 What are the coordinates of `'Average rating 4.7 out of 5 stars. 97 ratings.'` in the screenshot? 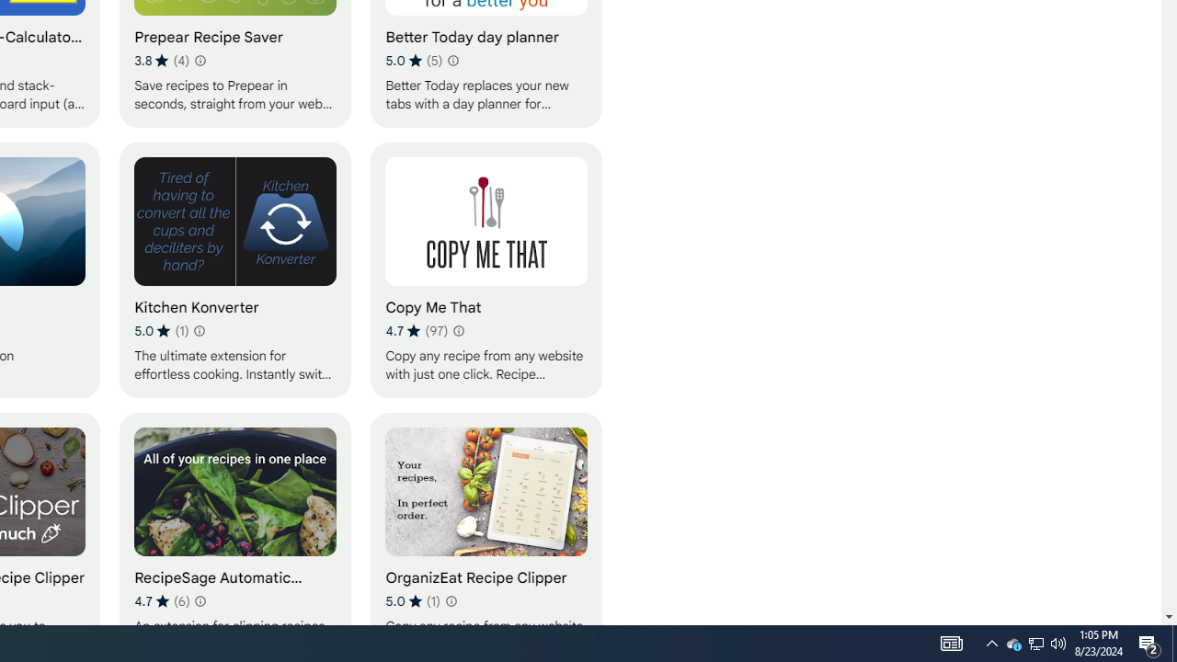 It's located at (416, 331).